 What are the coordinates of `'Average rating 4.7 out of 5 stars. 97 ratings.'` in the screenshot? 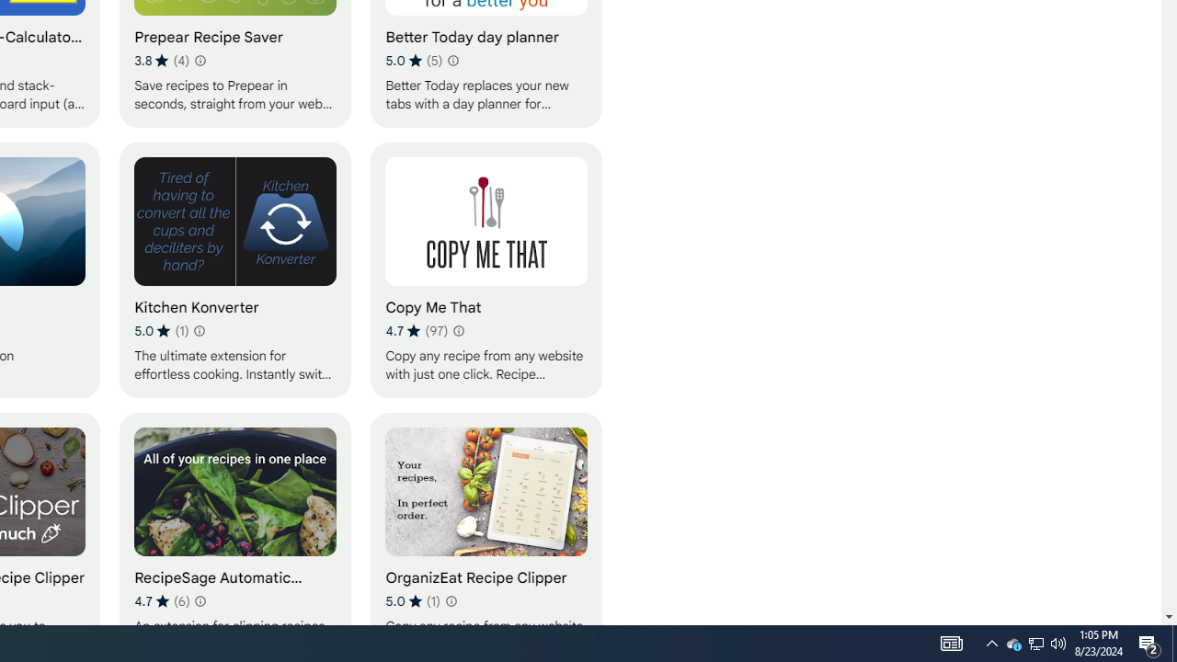 It's located at (416, 331).